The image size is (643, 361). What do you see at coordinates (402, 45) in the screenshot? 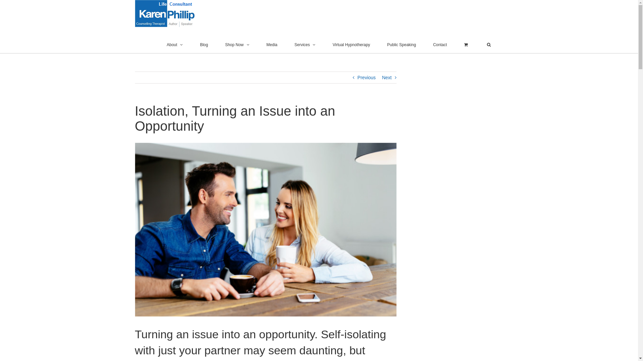
I see `'Public Speaking'` at bounding box center [402, 45].